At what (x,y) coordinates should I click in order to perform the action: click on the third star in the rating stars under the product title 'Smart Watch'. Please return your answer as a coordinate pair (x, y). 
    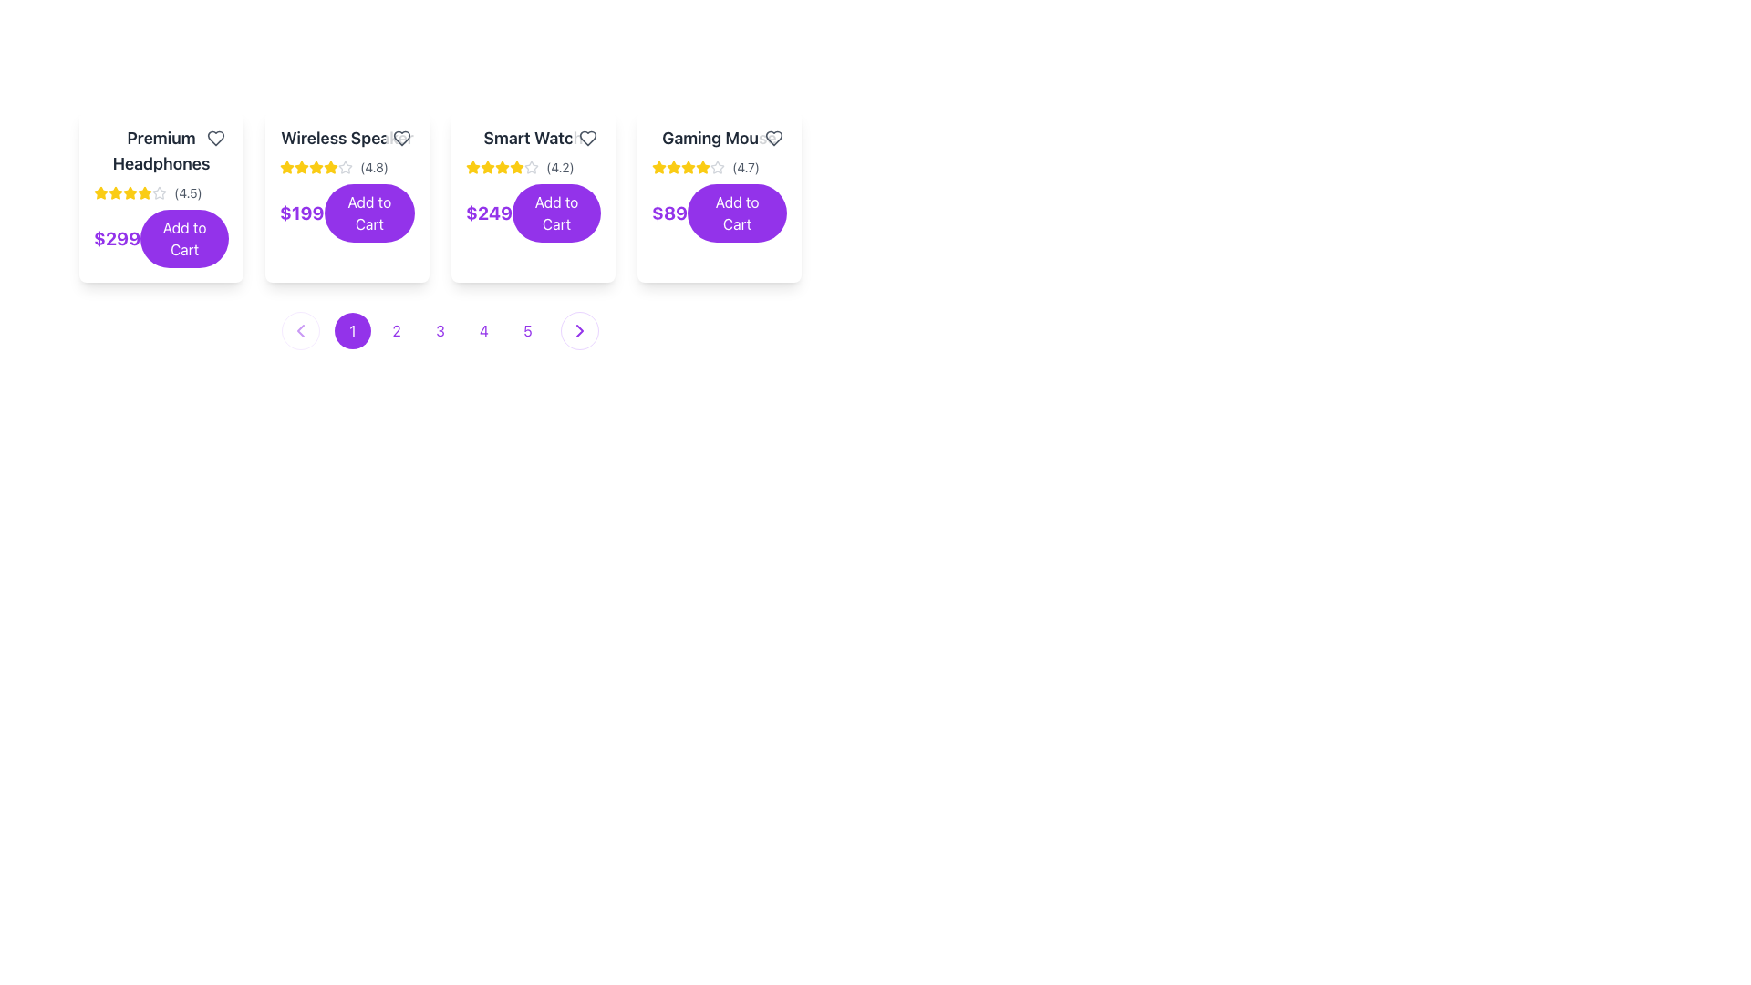
    Looking at the image, I should click on (503, 167).